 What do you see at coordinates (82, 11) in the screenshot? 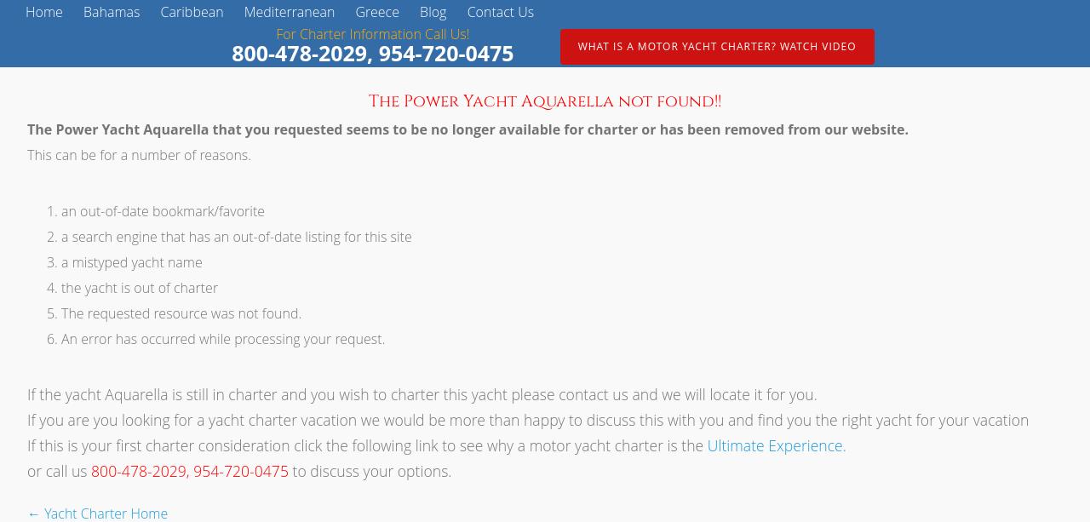
I see `'Bahamas'` at bounding box center [82, 11].